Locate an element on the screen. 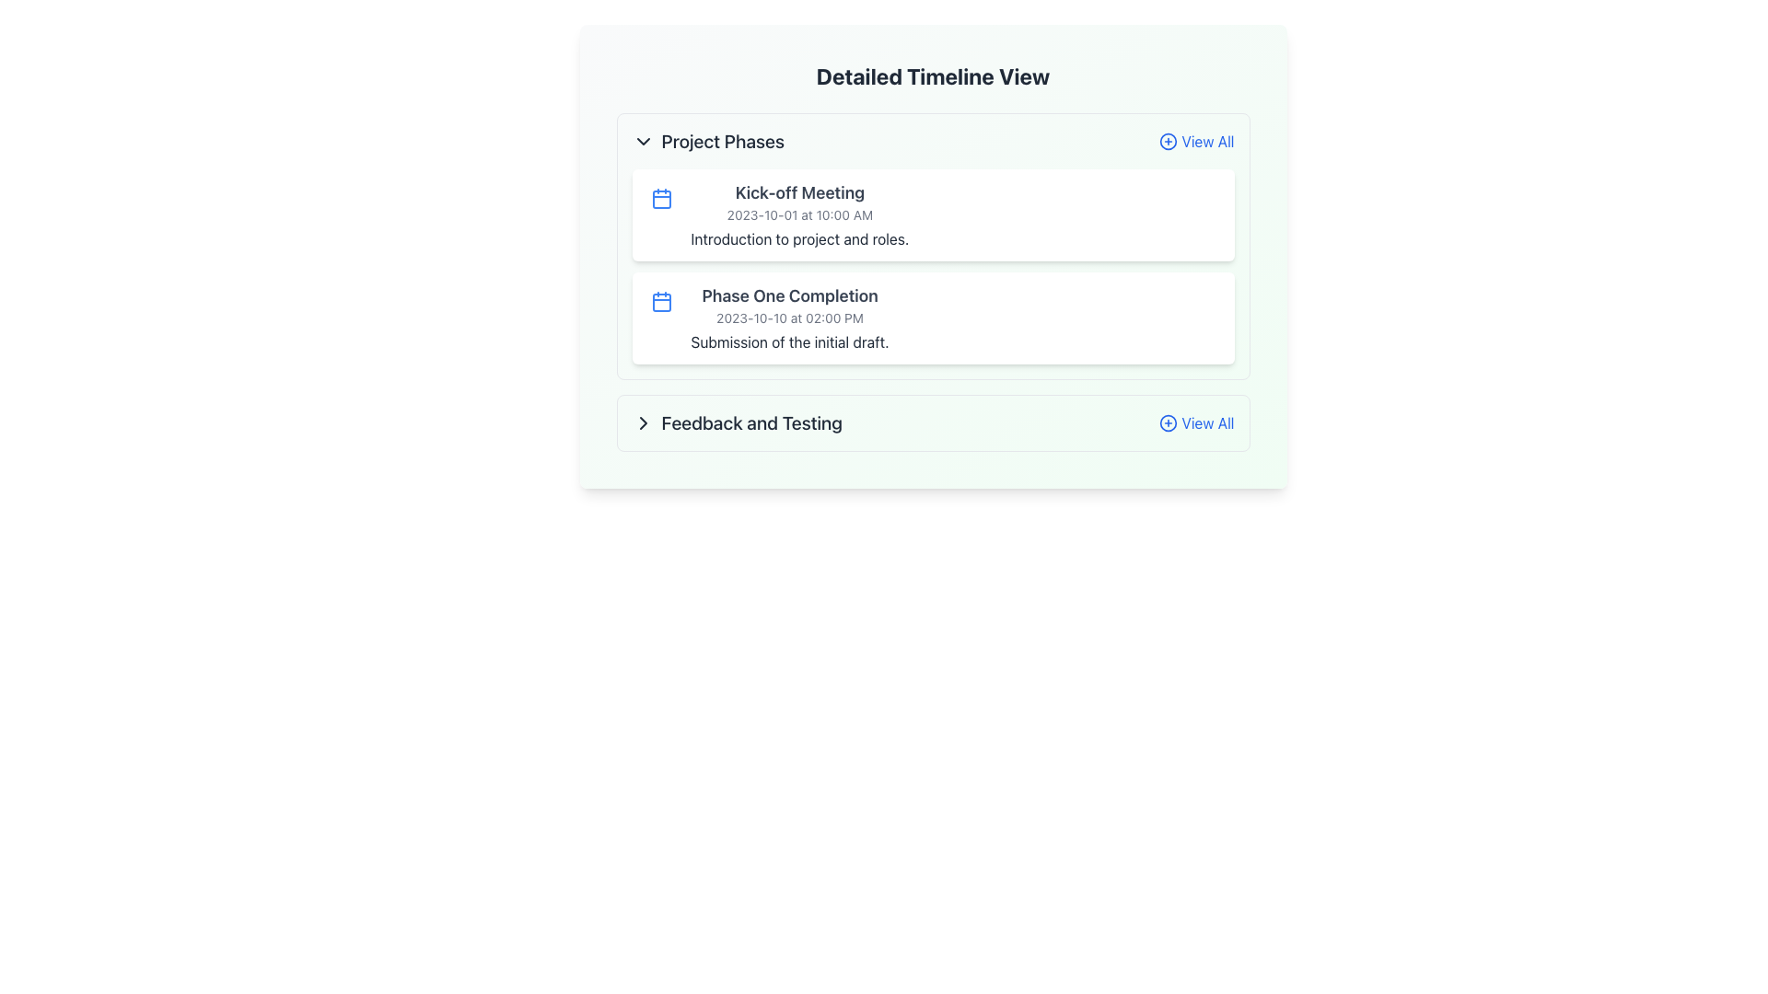 The width and height of the screenshot is (1768, 994). the 'View All' interactive link with a blue circular icon and plus sign, located in the top-right corner of the 'Project Phases' section to underline the text is located at coordinates (1196, 141).